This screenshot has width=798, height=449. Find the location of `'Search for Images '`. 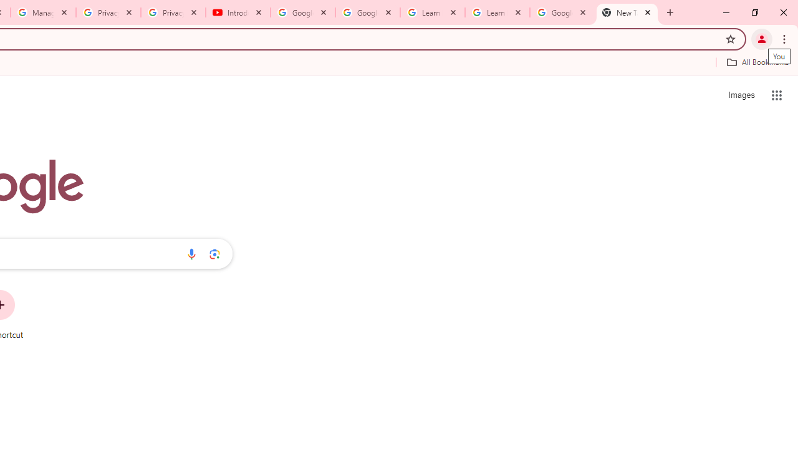

'Search for Images ' is located at coordinates (741, 95).